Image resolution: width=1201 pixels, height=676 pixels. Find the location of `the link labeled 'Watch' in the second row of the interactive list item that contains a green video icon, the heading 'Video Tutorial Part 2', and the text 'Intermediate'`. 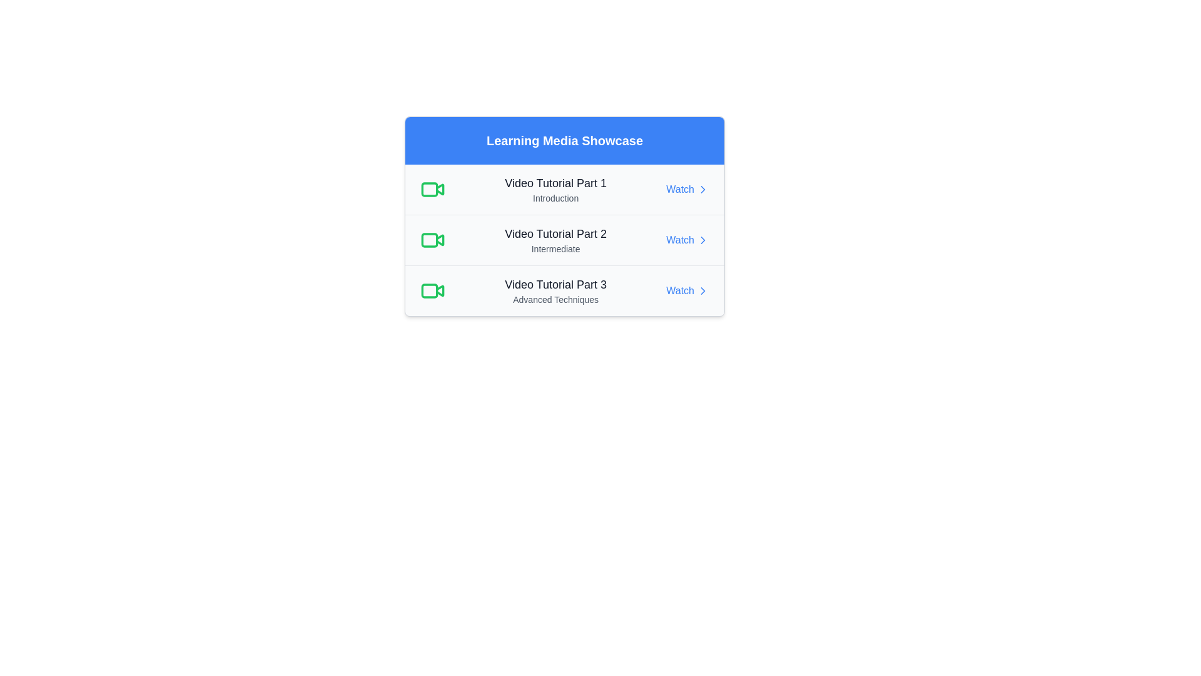

the link labeled 'Watch' in the second row of the interactive list item that contains a green video icon, the heading 'Video Tutorial Part 2', and the text 'Intermediate' is located at coordinates (564, 240).